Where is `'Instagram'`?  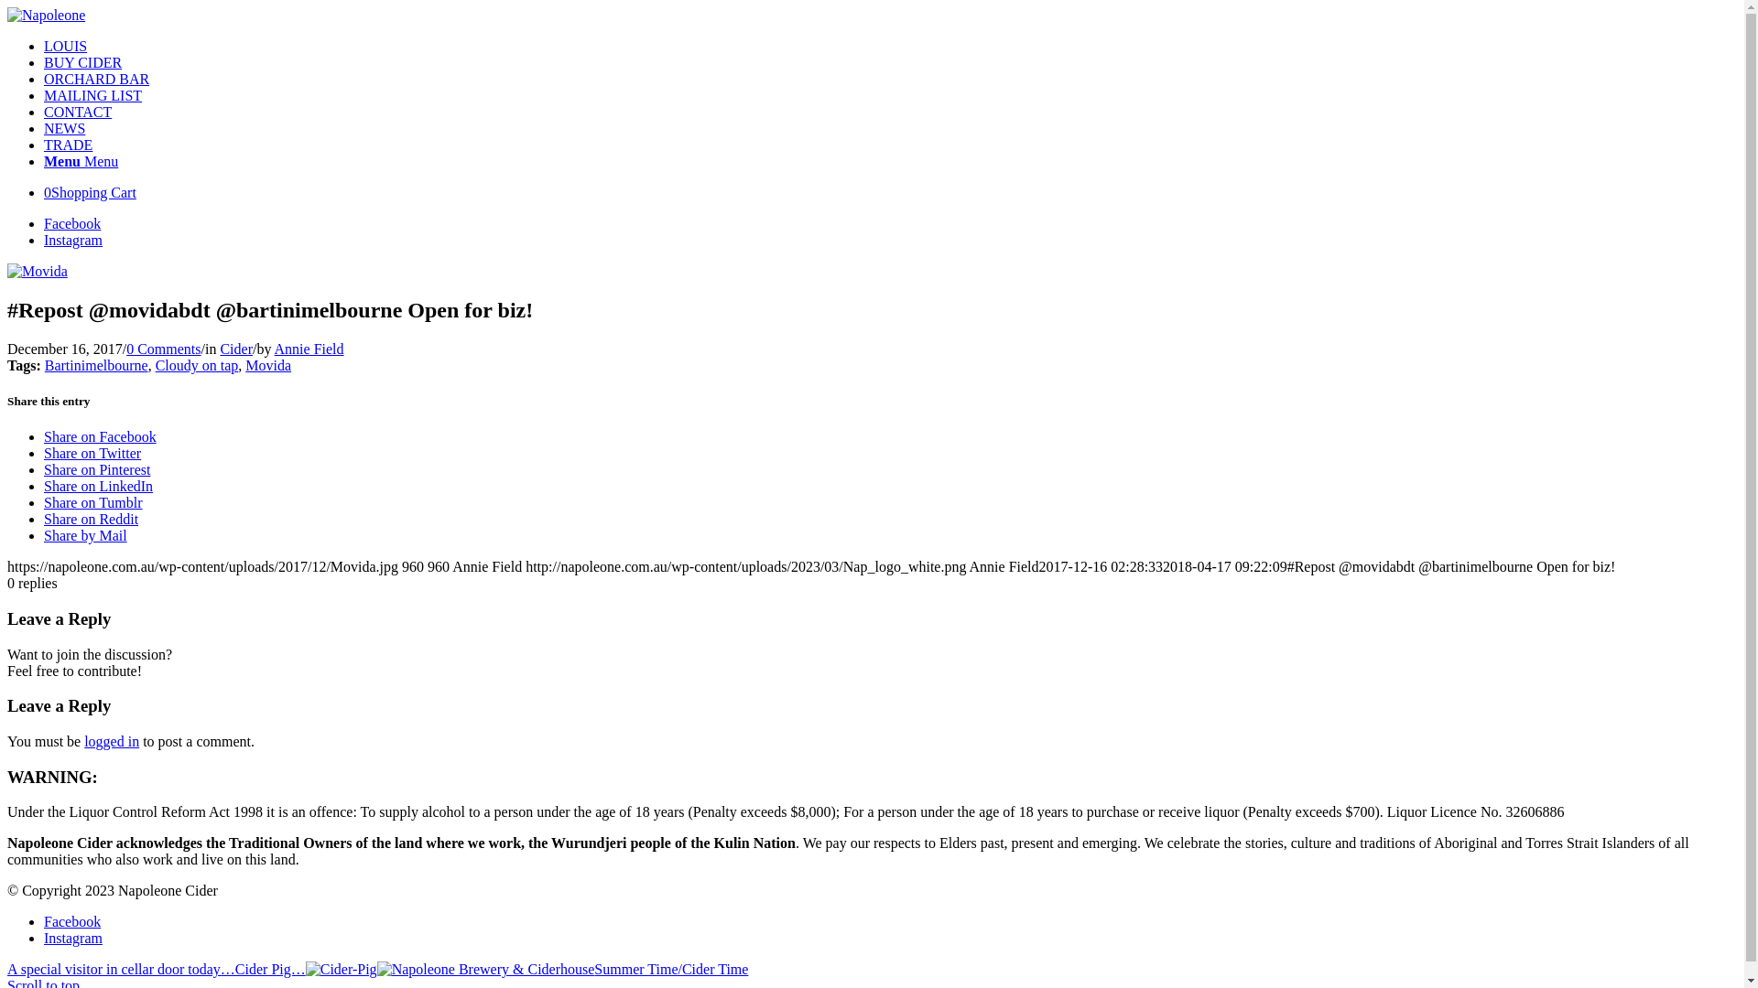
'Instagram' is located at coordinates (73, 938).